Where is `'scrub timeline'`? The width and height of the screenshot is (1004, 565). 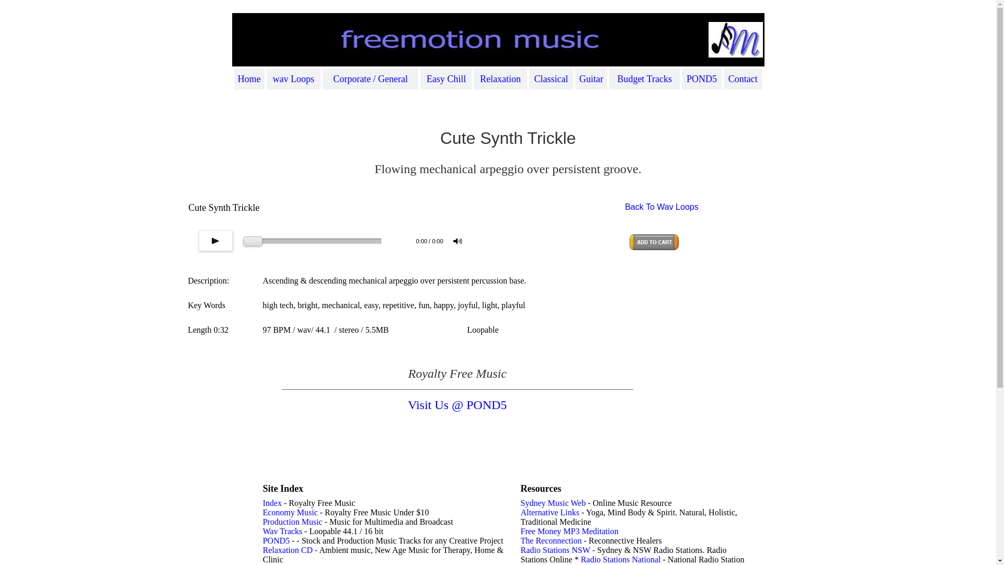
'scrub timeline' is located at coordinates (312, 241).